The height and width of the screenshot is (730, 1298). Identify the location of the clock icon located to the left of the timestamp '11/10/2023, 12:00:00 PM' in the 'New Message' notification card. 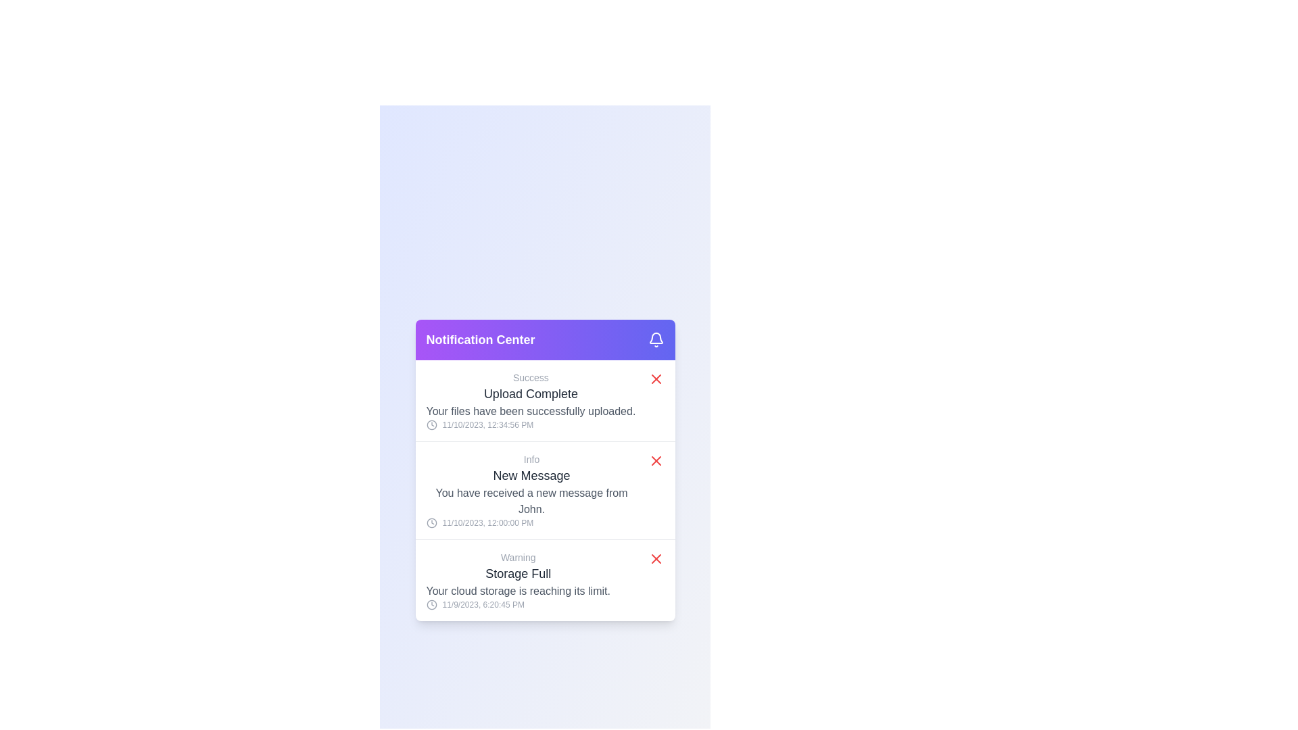
(431, 522).